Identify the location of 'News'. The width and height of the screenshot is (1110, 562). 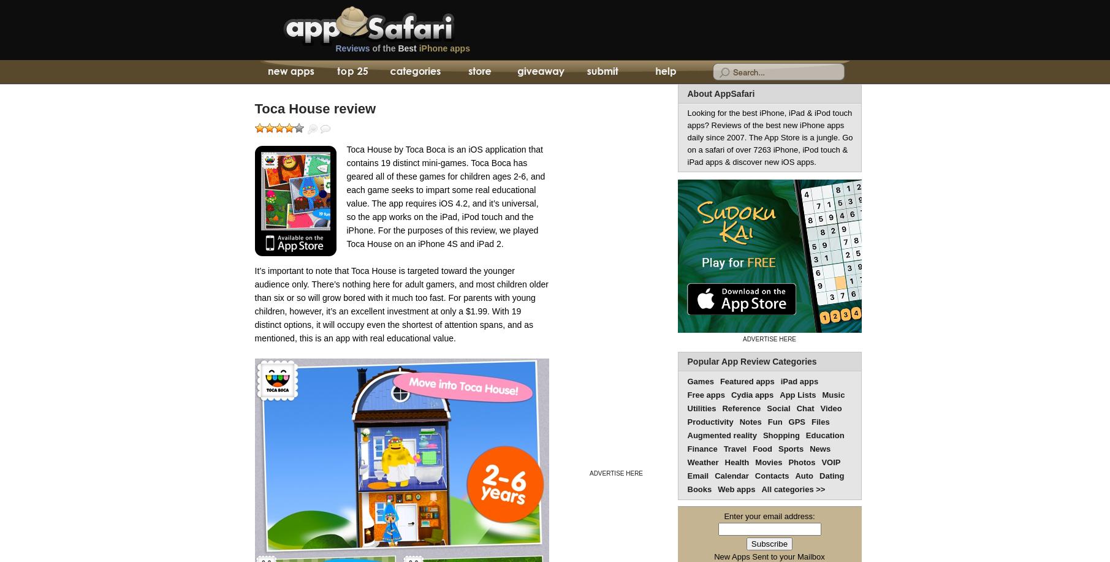
(808, 448).